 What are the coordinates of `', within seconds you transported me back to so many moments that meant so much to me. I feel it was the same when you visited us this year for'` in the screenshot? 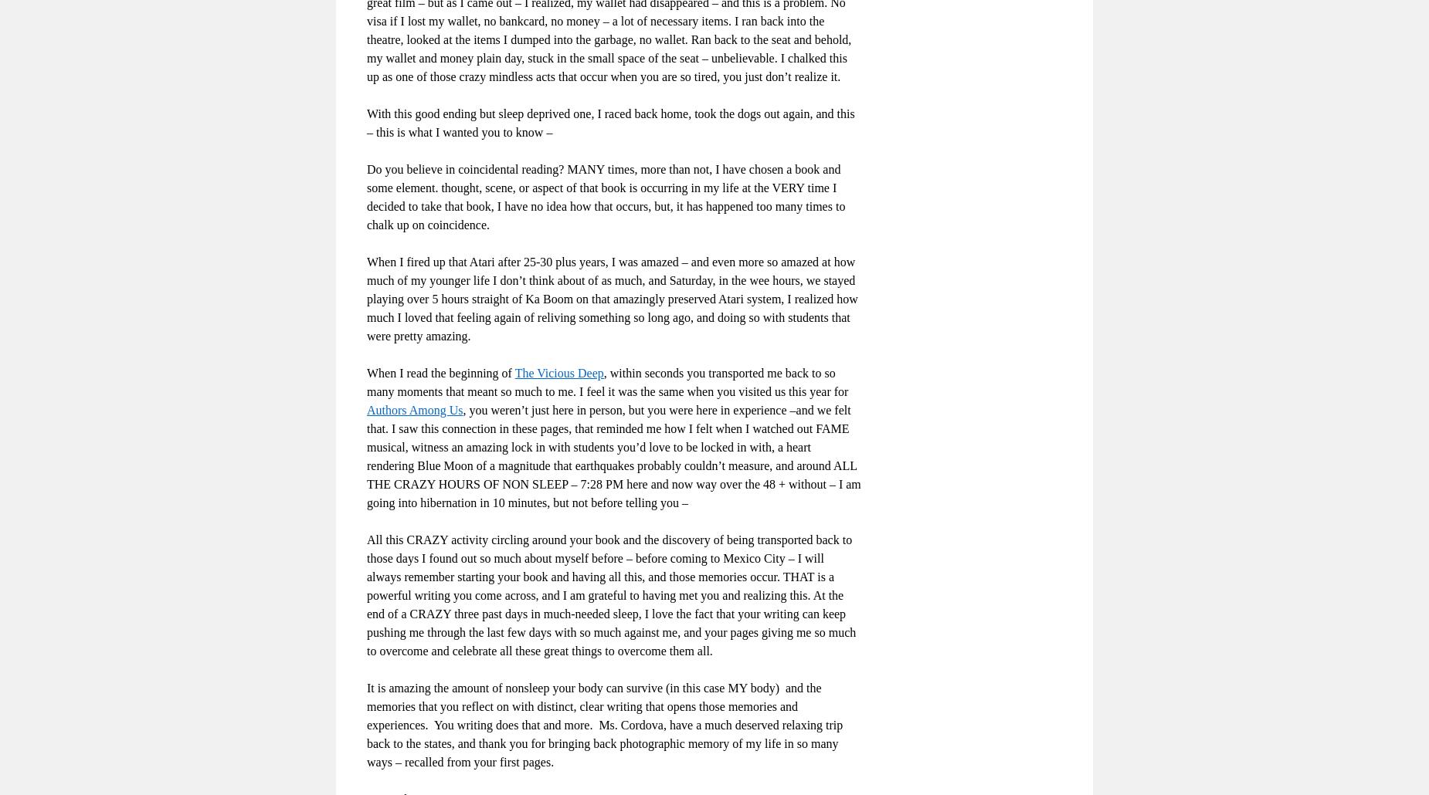 It's located at (607, 381).